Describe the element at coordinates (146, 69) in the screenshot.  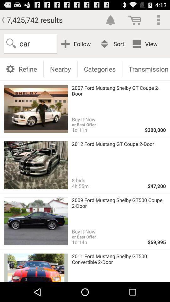
I see `the app below the view icon` at that location.